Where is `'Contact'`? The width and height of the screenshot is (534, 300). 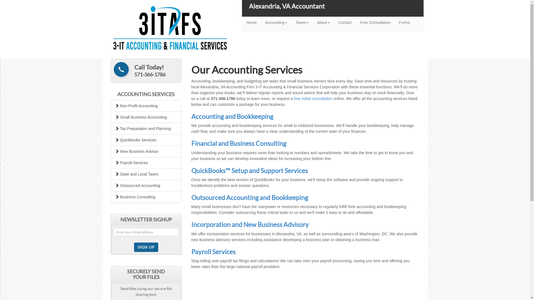
'Contact' is located at coordinates (344, 22).